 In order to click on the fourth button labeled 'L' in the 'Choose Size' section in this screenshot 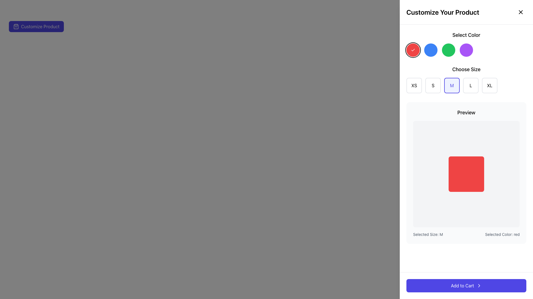, I will do `click(470, 85)`.